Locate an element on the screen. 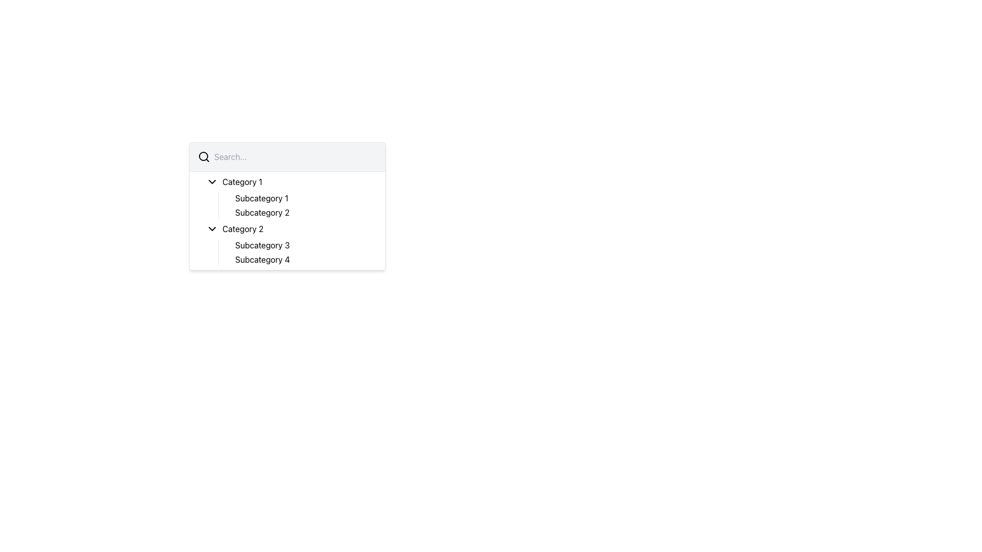 This screenshot has width=982, height=552. an individual subcategory from the collapsible hierarchical menu located within the white rectangular card element, positioned below the search input field is located at coordinates (286, 220).